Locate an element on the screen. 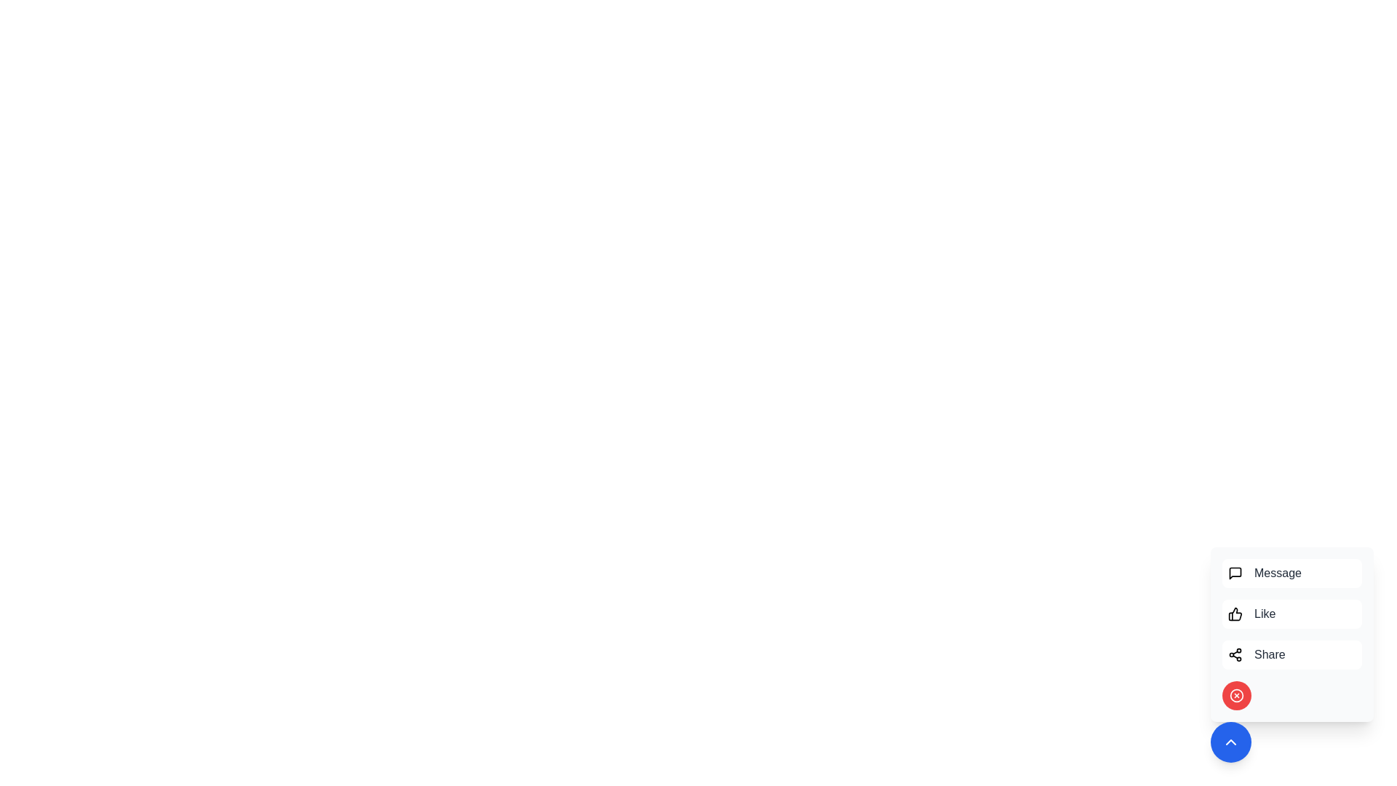 Image resolution: width=1397 pixels, height=786 pixels. 'Share' button to share content is located at coordinates (1292, 654).